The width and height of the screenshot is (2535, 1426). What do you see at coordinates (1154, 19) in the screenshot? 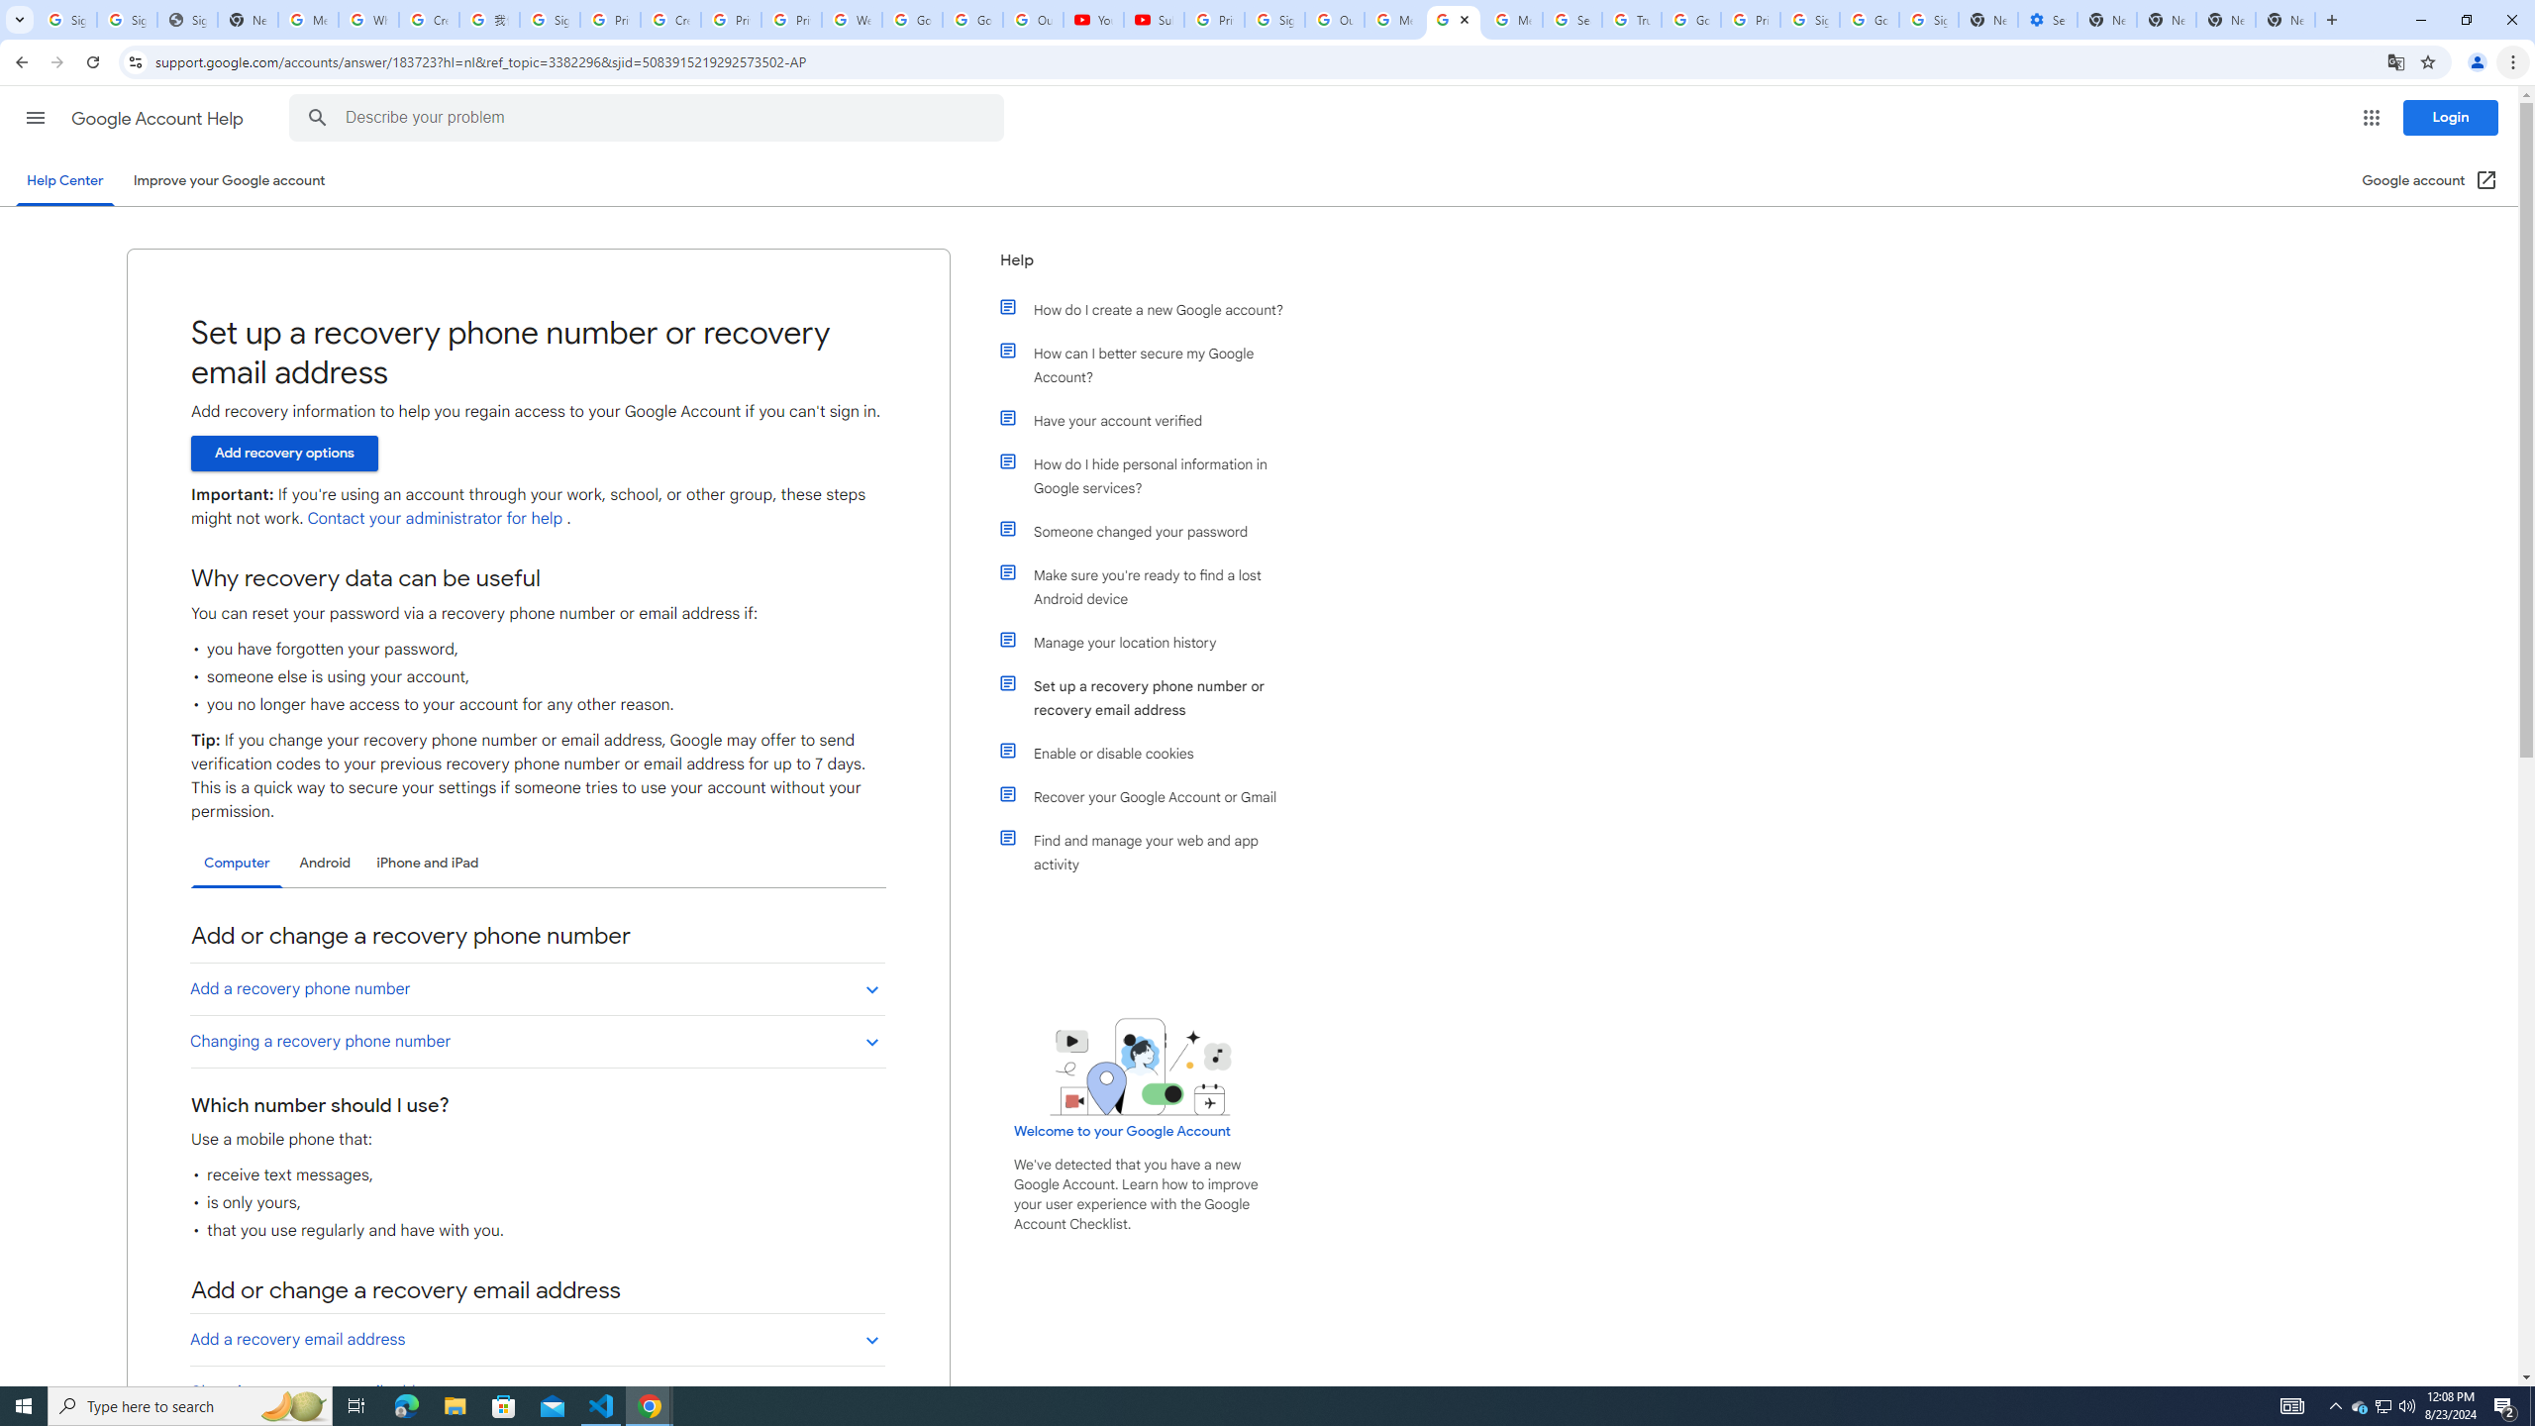
I see `'Subscriptions - YouTube'` at bounding box center [1154, 19].